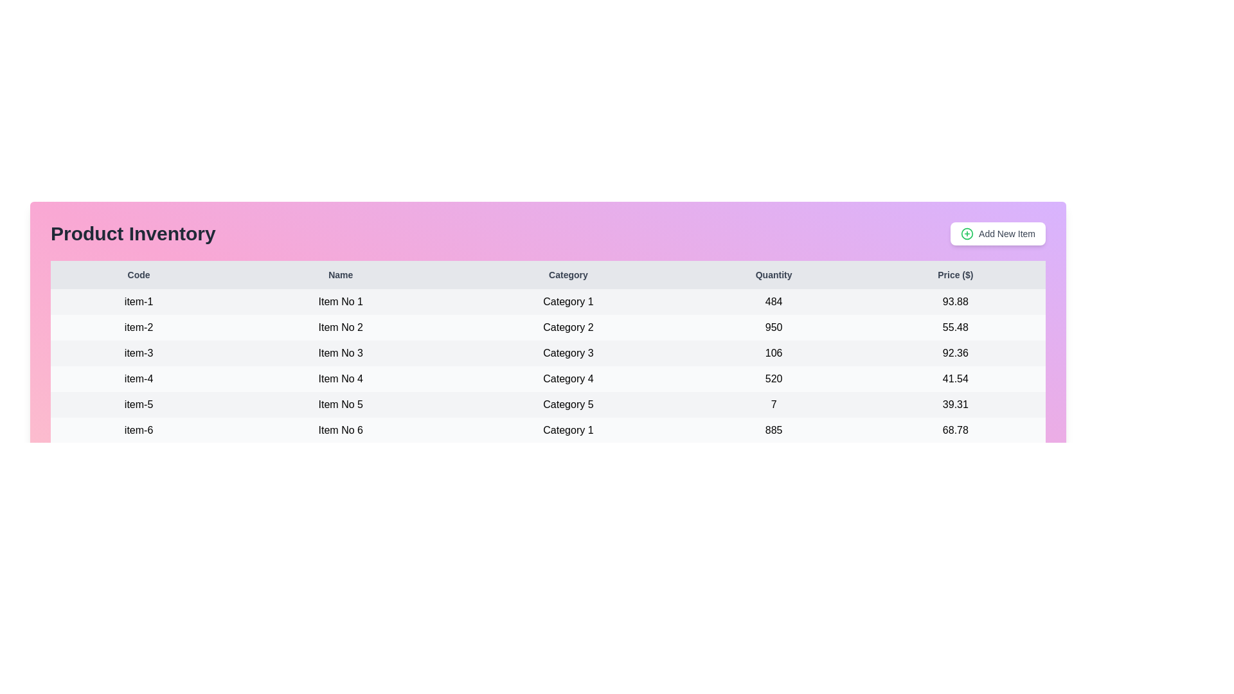 The image size is (1234, 694). I want to click on the text 'Product Inventory' in the header, so click(132, 233).